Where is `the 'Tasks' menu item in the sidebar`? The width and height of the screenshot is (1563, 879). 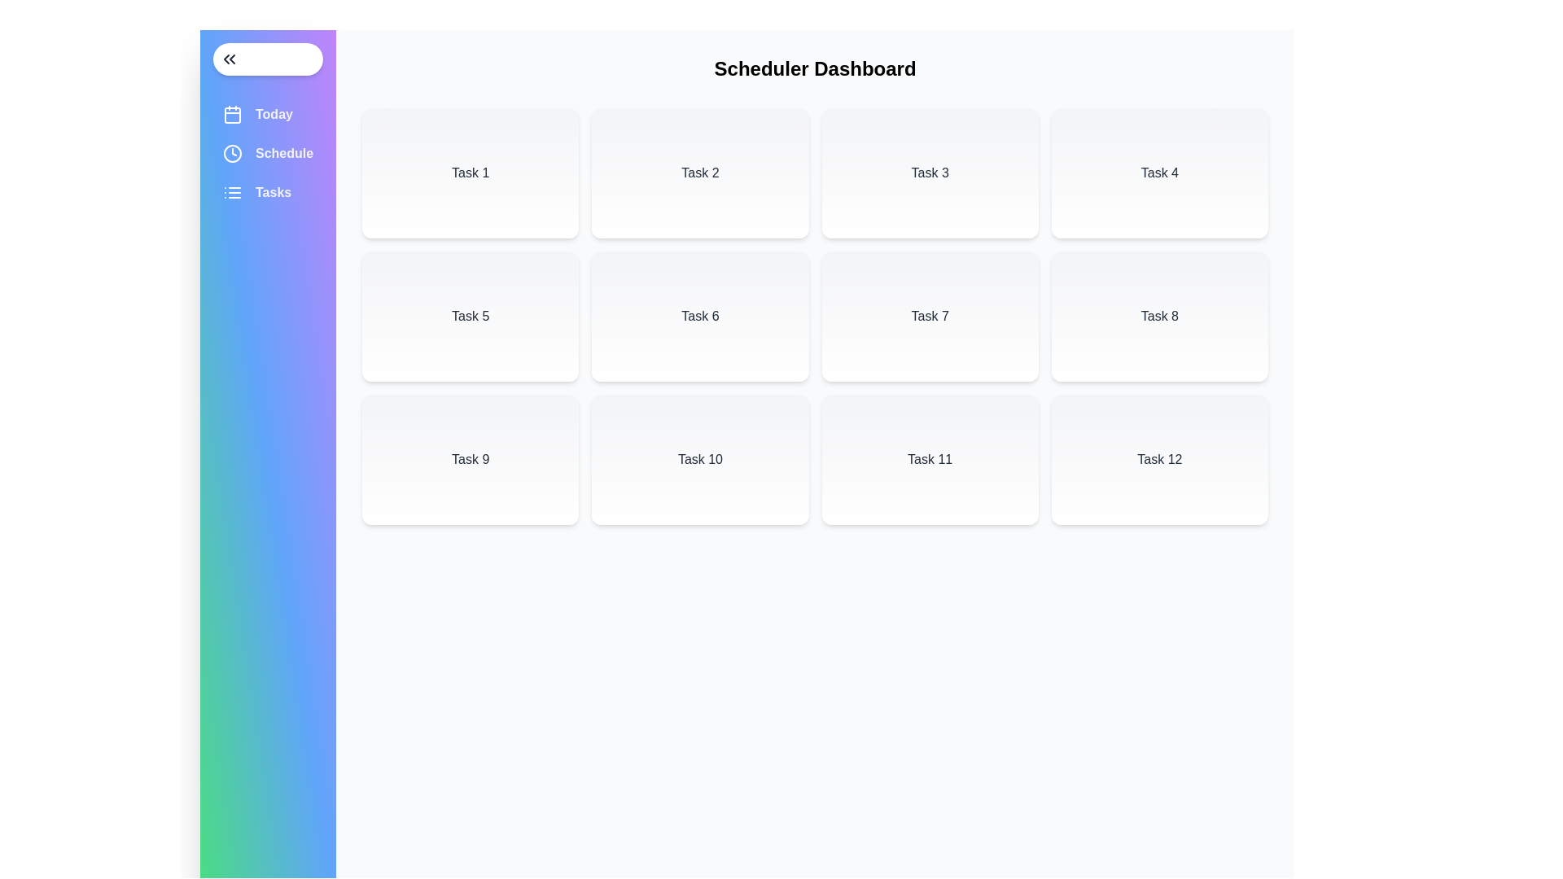
the 'Tasks' menu item in the sidebar is located at coordinates (268, 191).